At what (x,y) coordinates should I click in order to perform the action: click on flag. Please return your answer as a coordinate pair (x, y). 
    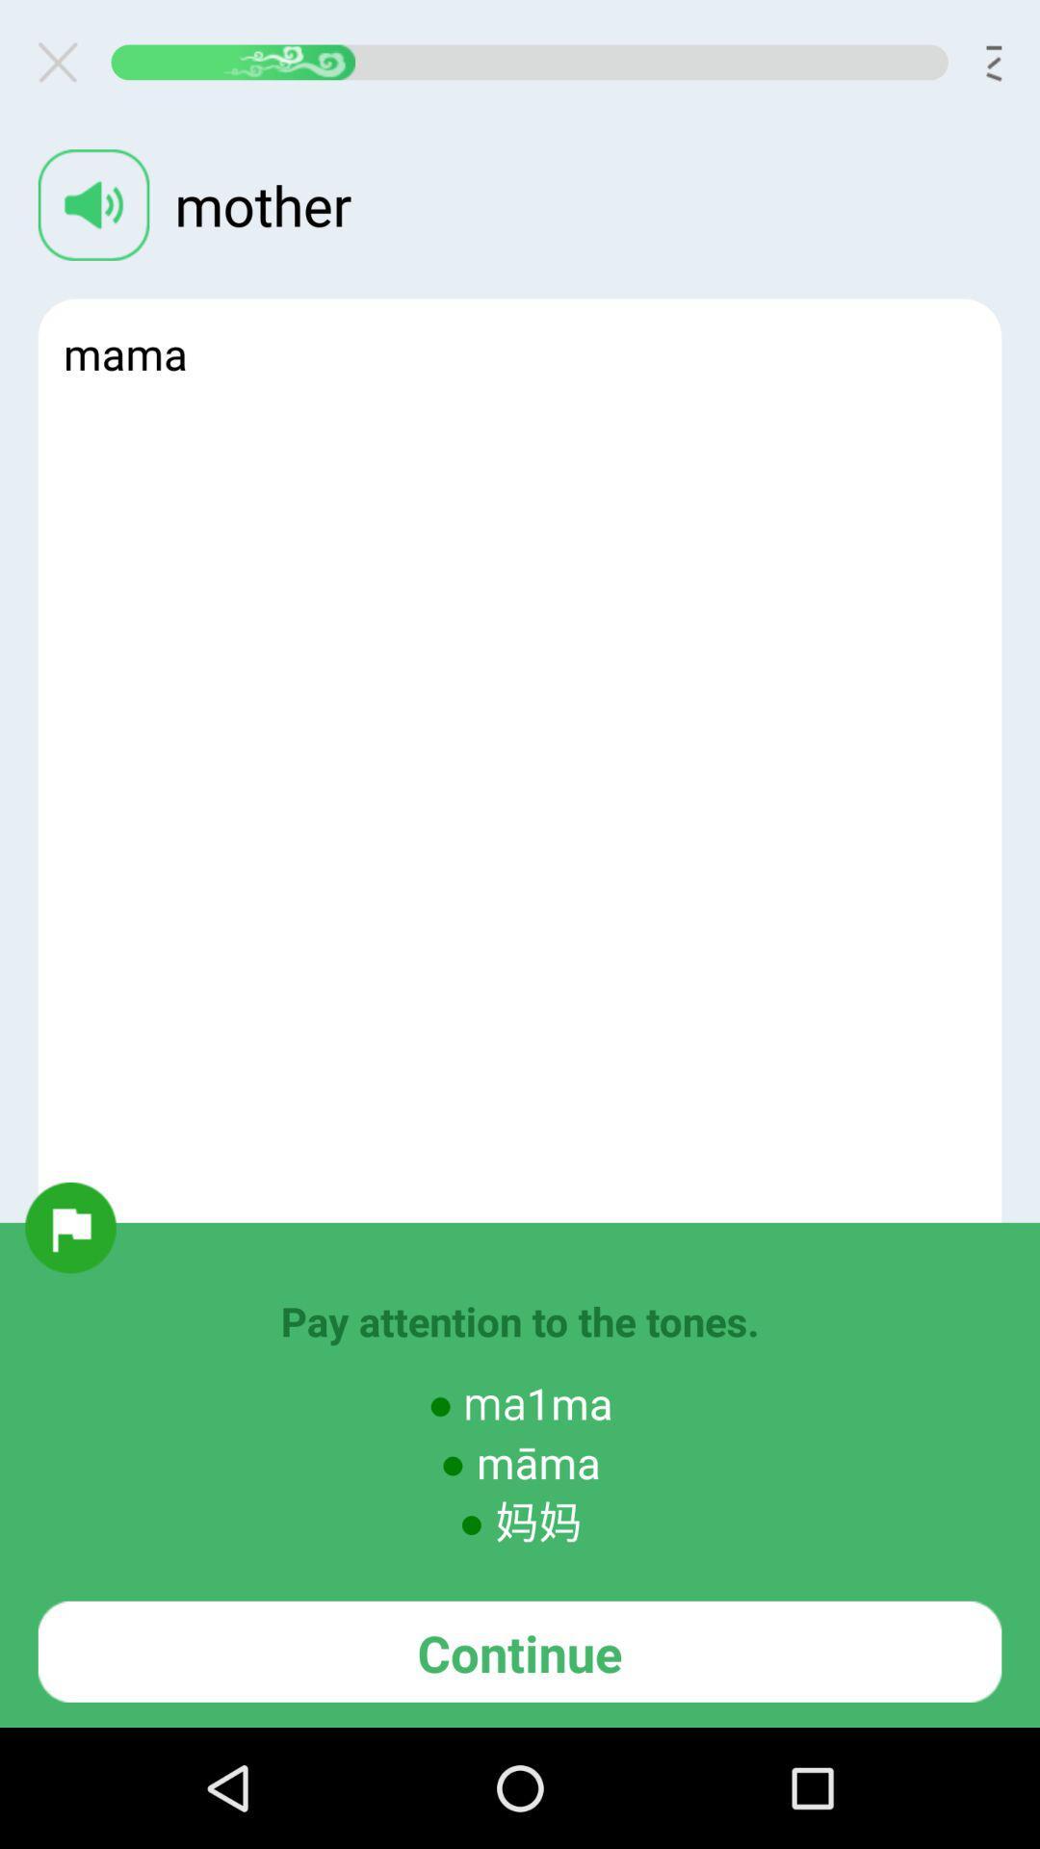
    Looking at the image, I should click on (69, 1227).